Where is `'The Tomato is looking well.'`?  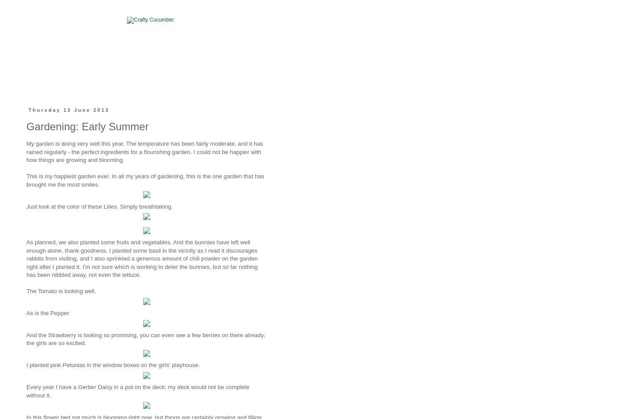
'The Tomato is looking well.' is located at coordinates (61, 291).